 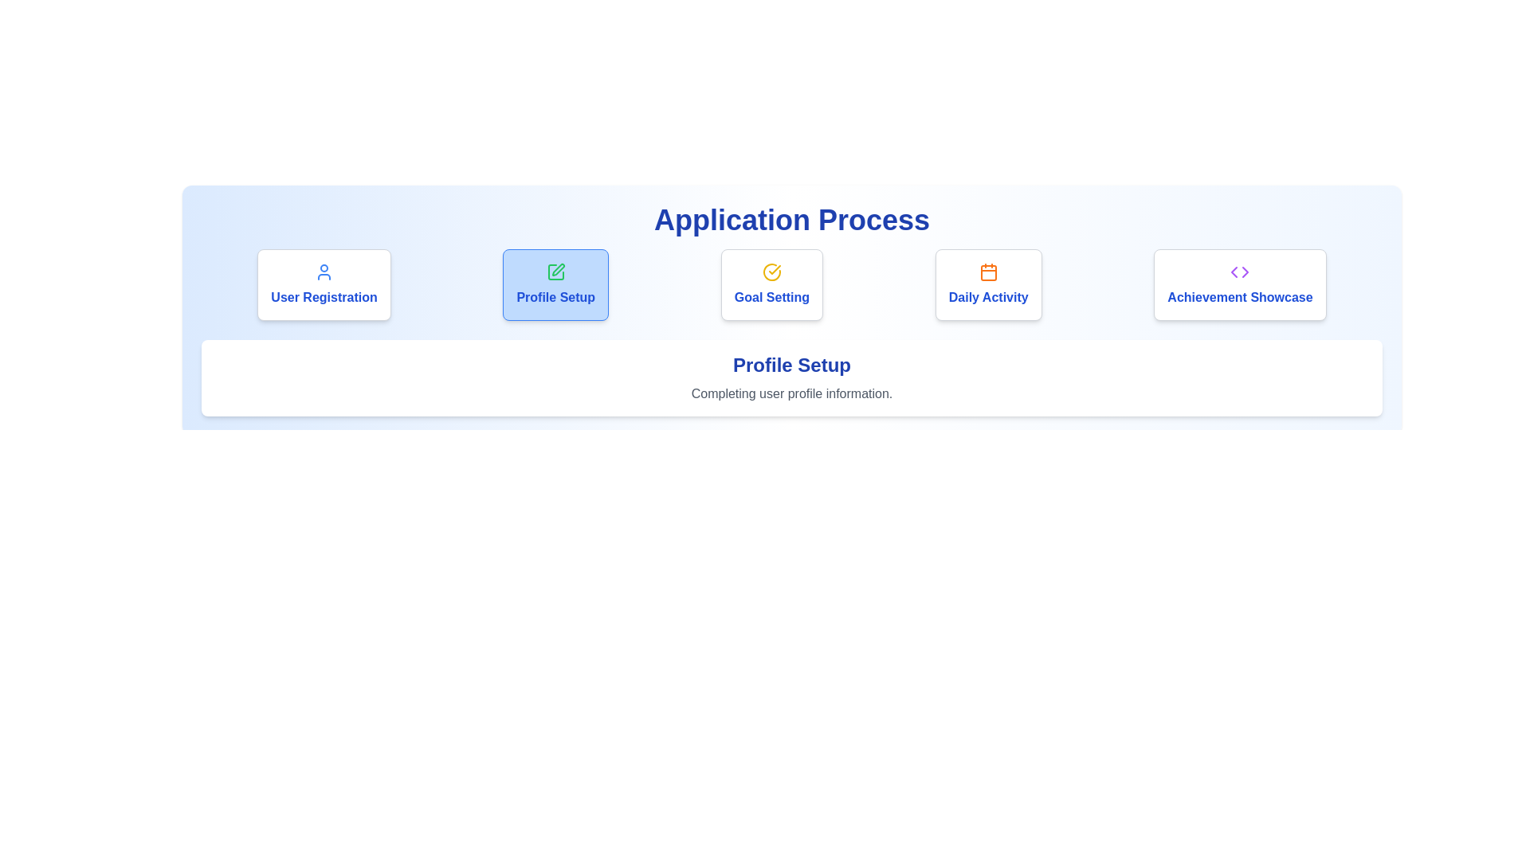 I want to click on the static text label reading 'Completing user profile information.' which is styled in gray color and located beneath the title 'Profile Setup', so click(x=791, y=393).